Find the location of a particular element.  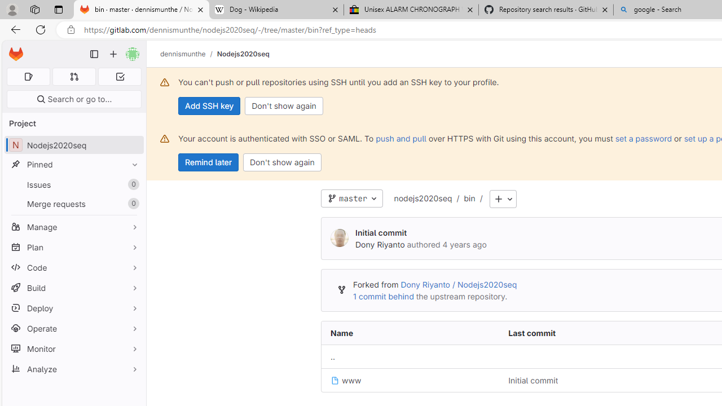

'Deploy' is located at coordinates (73, 308).